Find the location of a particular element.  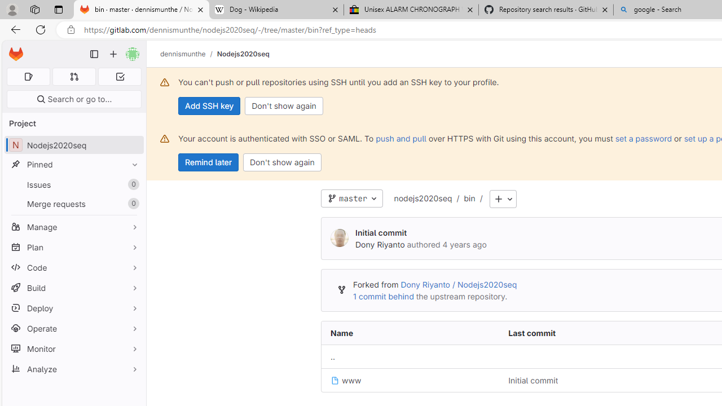

'Deploy' is located at coordinates (73, 308).